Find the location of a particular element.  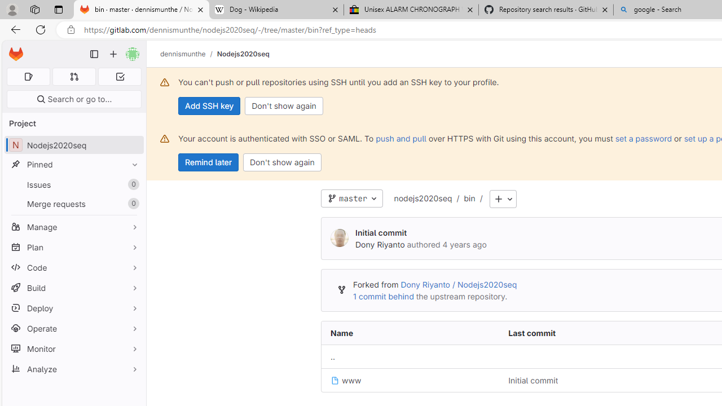

'Deploy' is located at coordinates (73, 308).